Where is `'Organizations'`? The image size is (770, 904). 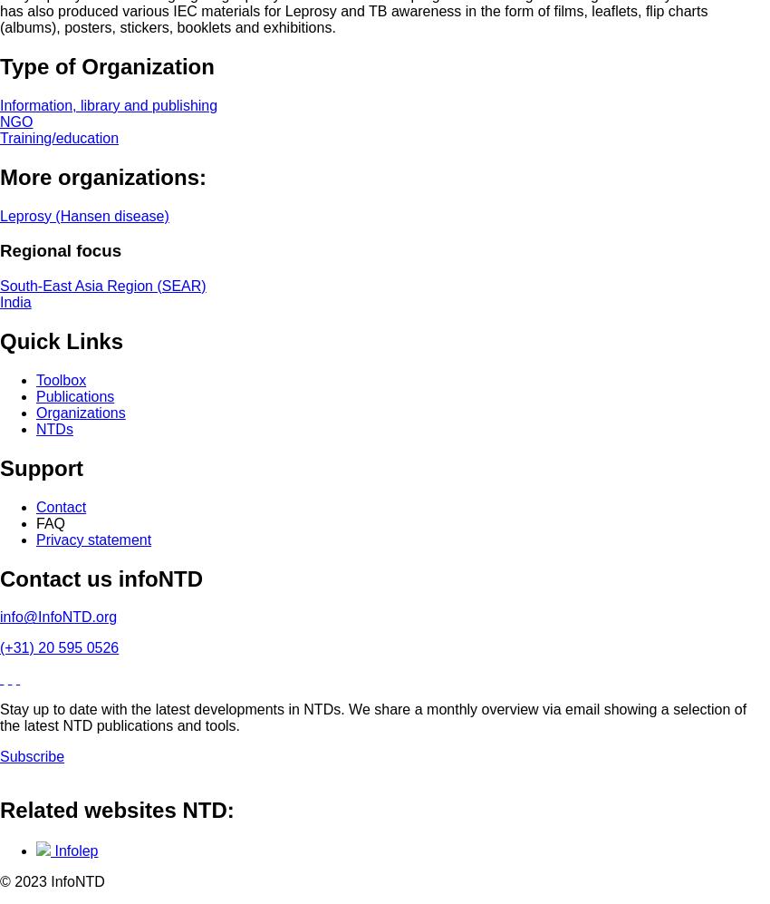
'Organizations' is located at coordinates (79, 412).